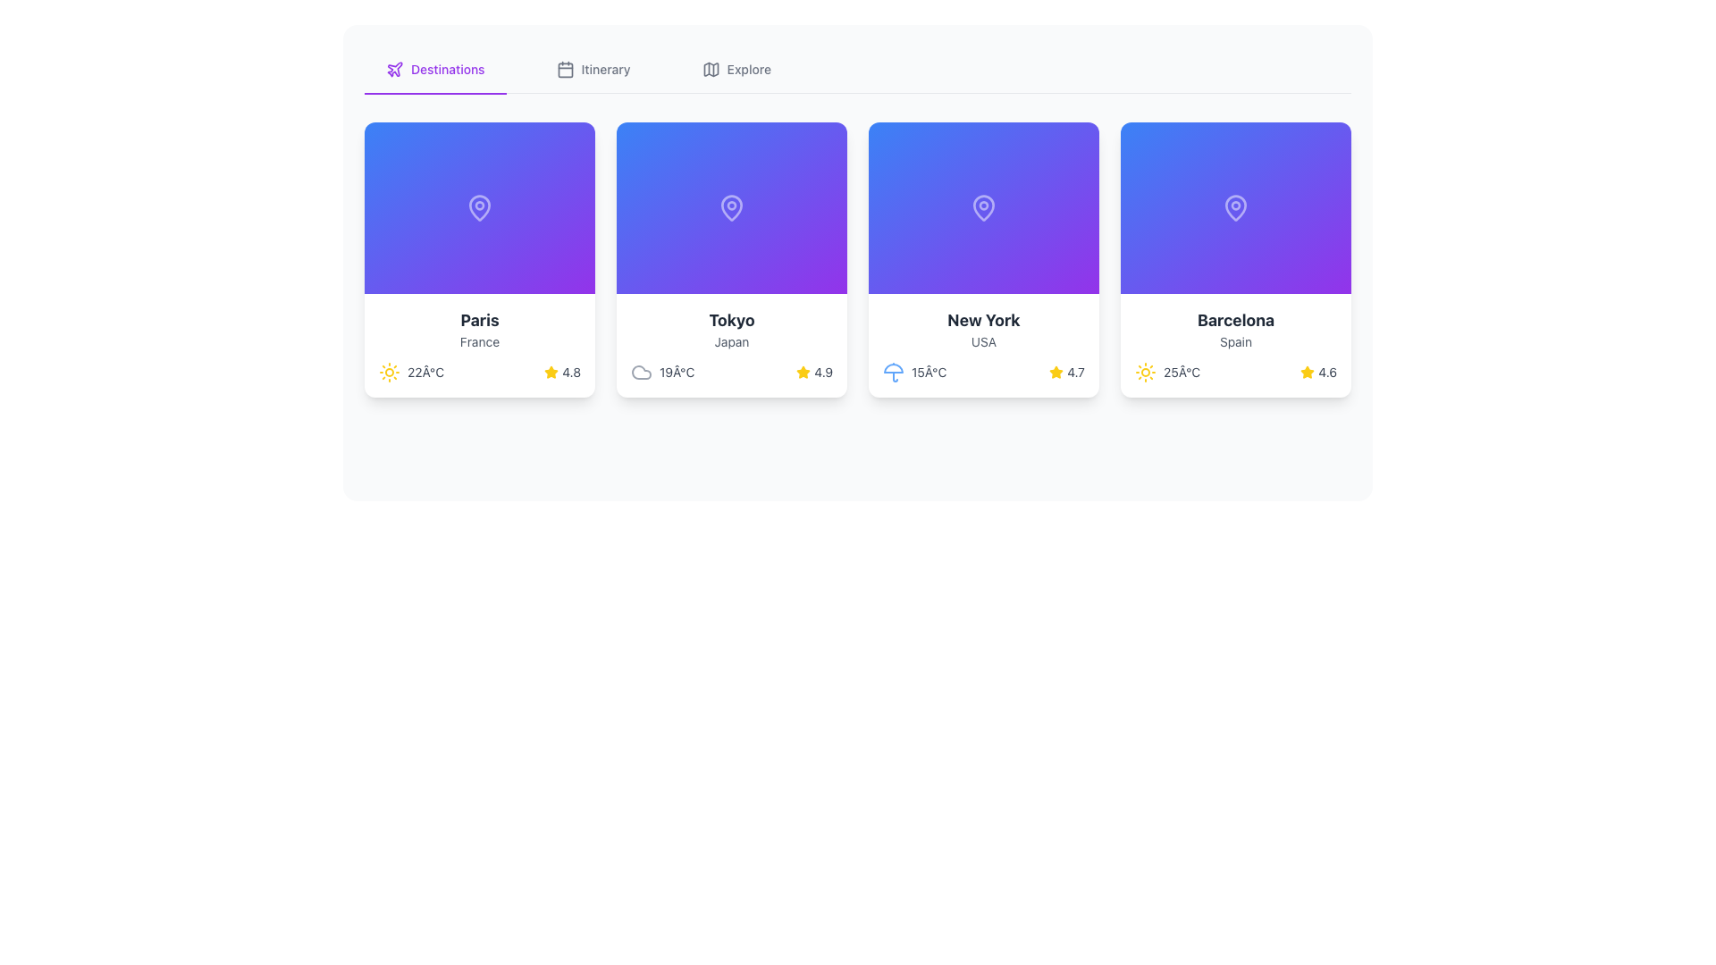 Image resolution: width=1716 pixels, height=965 pixels. Describe the element at coordinates (982, 341) in the screenshot. I see `the text label displaying 'USA', which is prominently centered below the title 'New York' within the card layout` at that location.